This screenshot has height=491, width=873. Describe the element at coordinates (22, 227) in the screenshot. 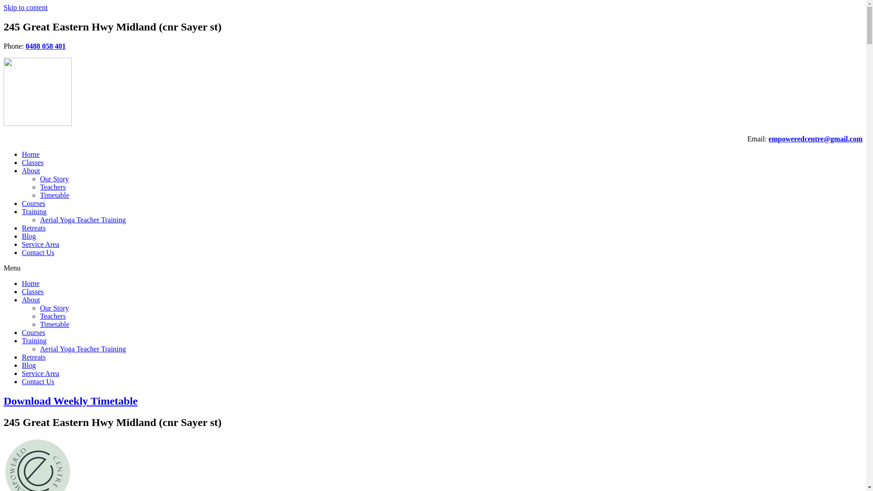

I see `'Retreats'` at that location.